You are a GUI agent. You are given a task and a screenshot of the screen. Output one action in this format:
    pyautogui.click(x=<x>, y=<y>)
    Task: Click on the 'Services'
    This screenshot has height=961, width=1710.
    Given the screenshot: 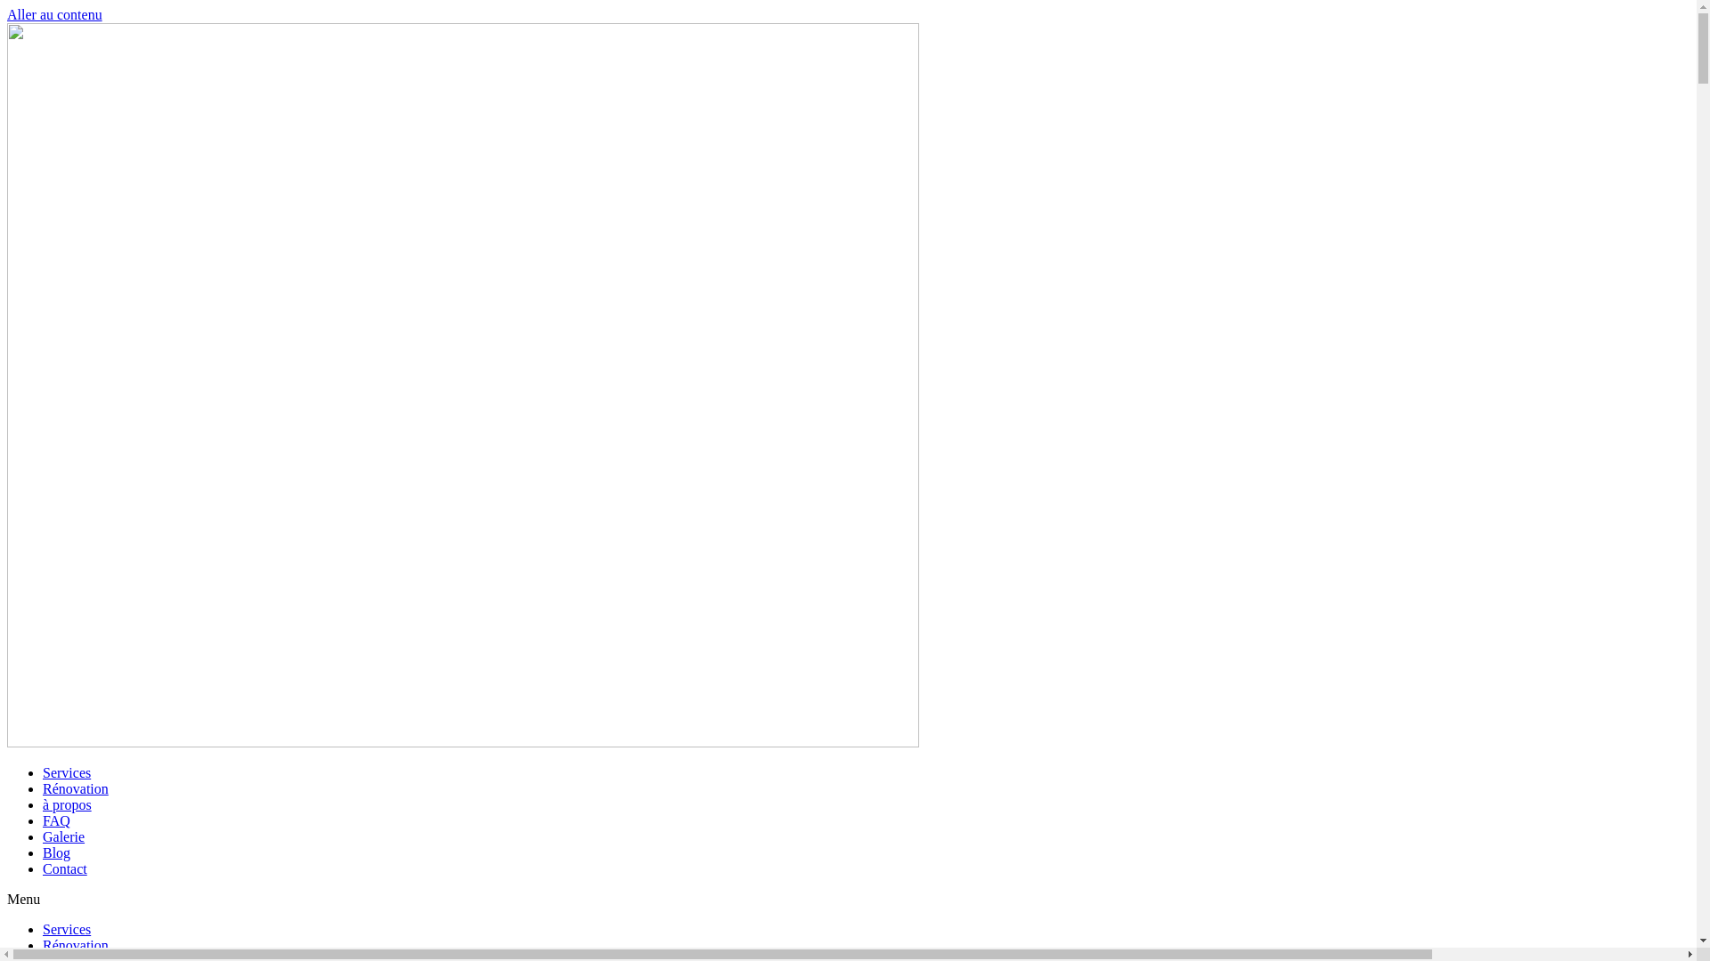 What is the action you would take?
    pyautogui.click(x=67, y=928)
    